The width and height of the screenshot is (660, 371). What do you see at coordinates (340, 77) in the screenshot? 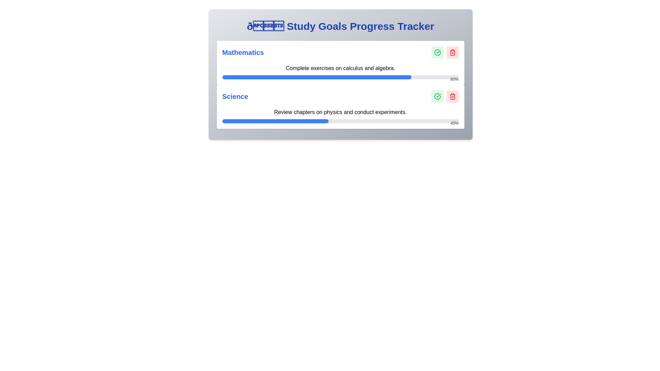
I see `the horizontal progress bar displaying 80% completion, located within the 'Mathematics' section, positioned below the text 'Complete exercises on calculus and algebra.'` at bounding box center [340, 77].